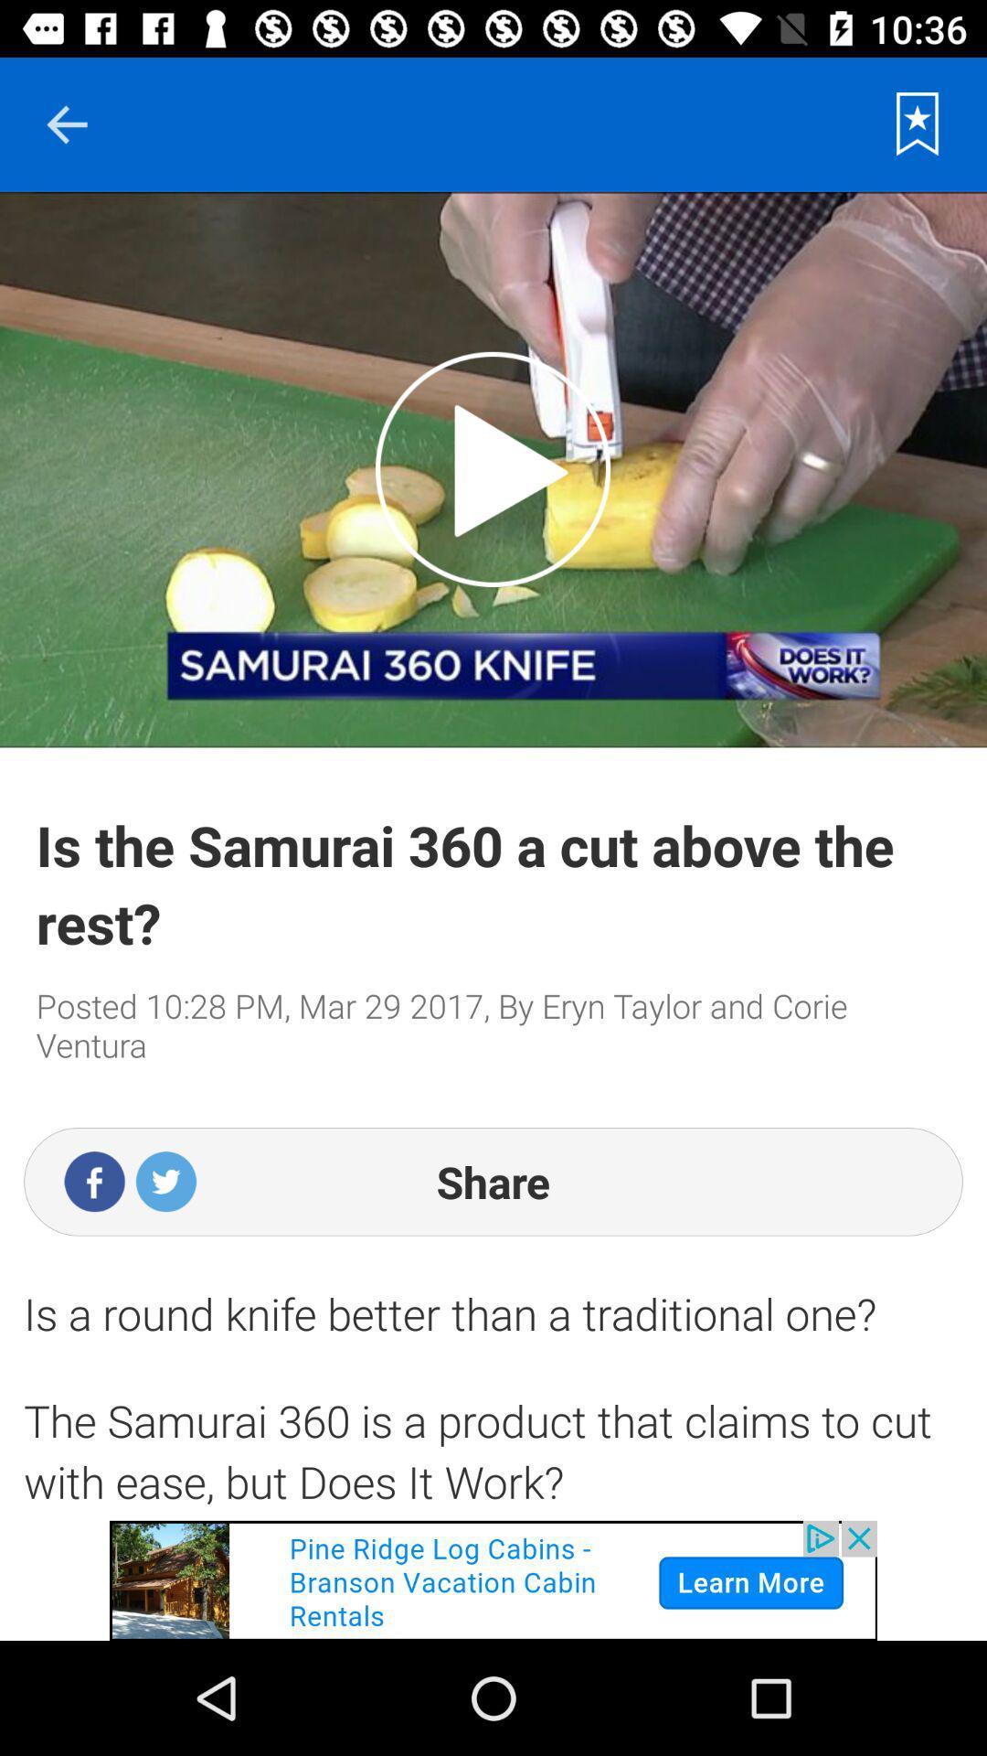 This screenshot has width=987, height=1756. I want to click on bookmark, so click(918, 123).